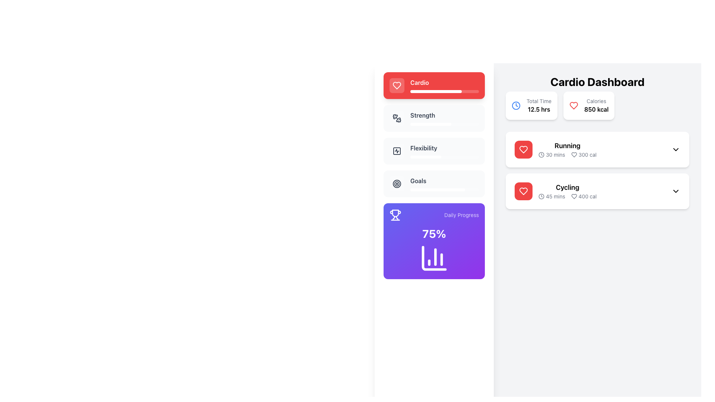 This screenshot has width=715, height=402. What do you see at coordinates (398, 119) in the screenshot?
I see `the decorative strength icon located within the 'Strength' card on the left-hand menu of the user interface` at bounding box center [398, 119].